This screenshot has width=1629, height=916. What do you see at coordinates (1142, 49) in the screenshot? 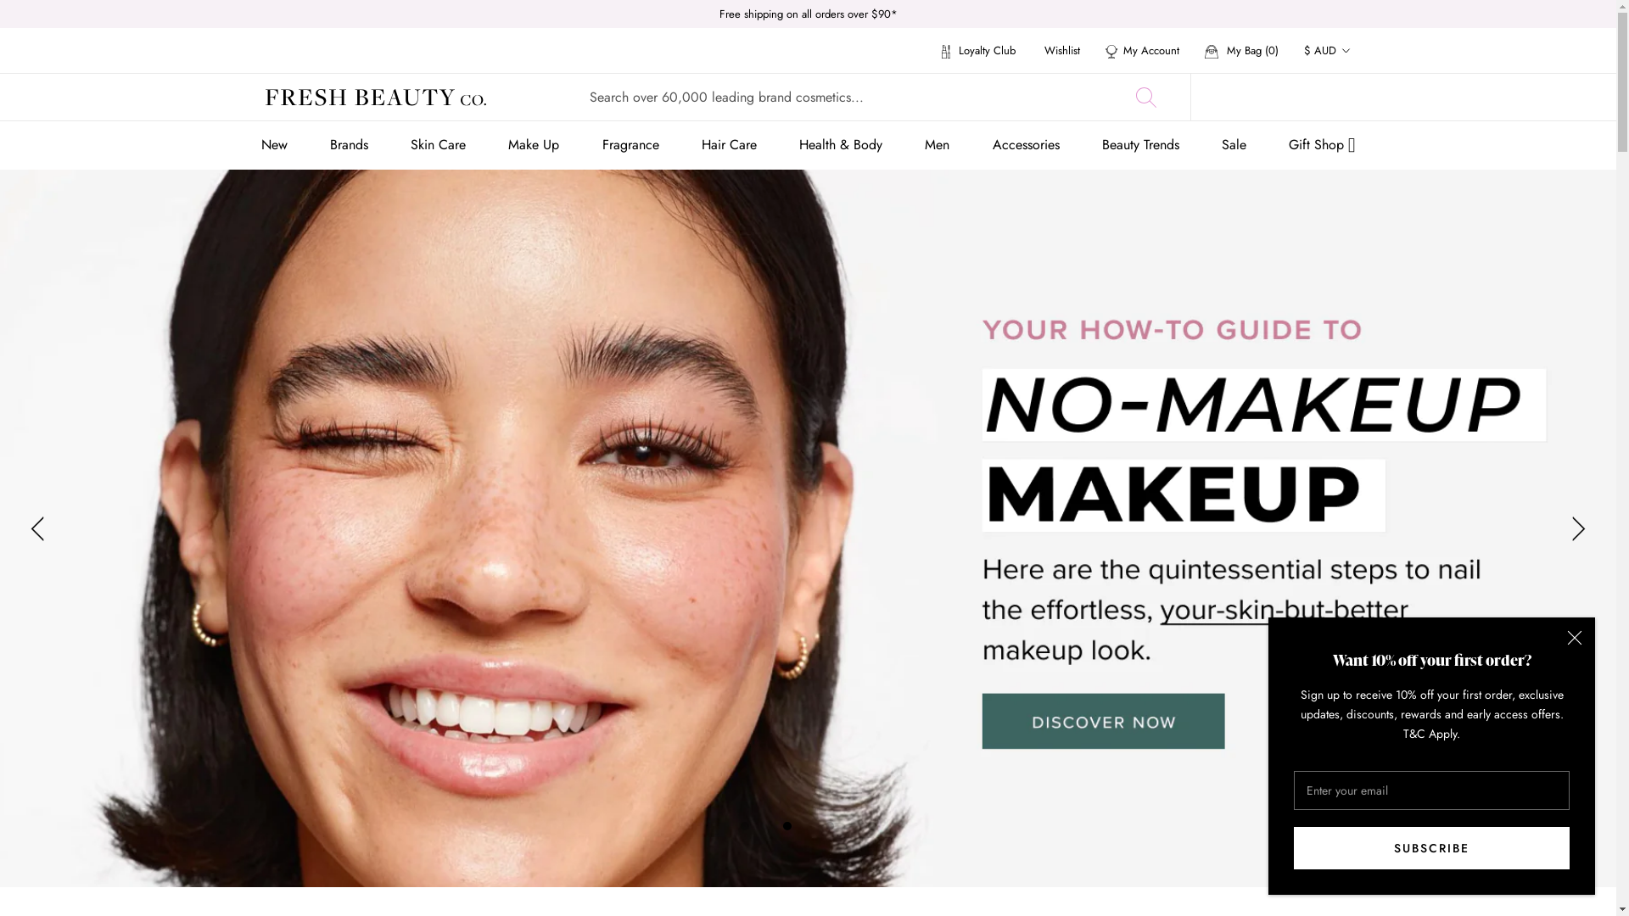
I see `'My Account'` at bounding box center [1142, 49].